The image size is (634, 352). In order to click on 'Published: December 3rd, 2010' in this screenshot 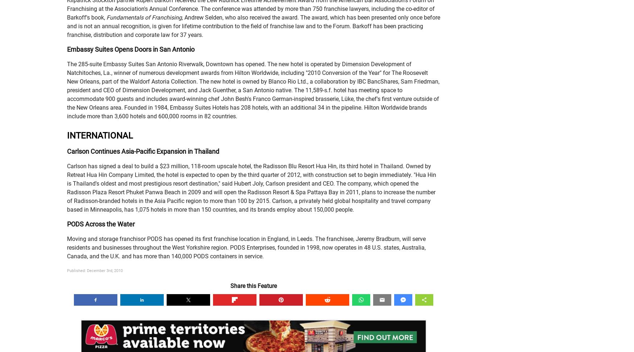, I will do `click(94, 271)`.